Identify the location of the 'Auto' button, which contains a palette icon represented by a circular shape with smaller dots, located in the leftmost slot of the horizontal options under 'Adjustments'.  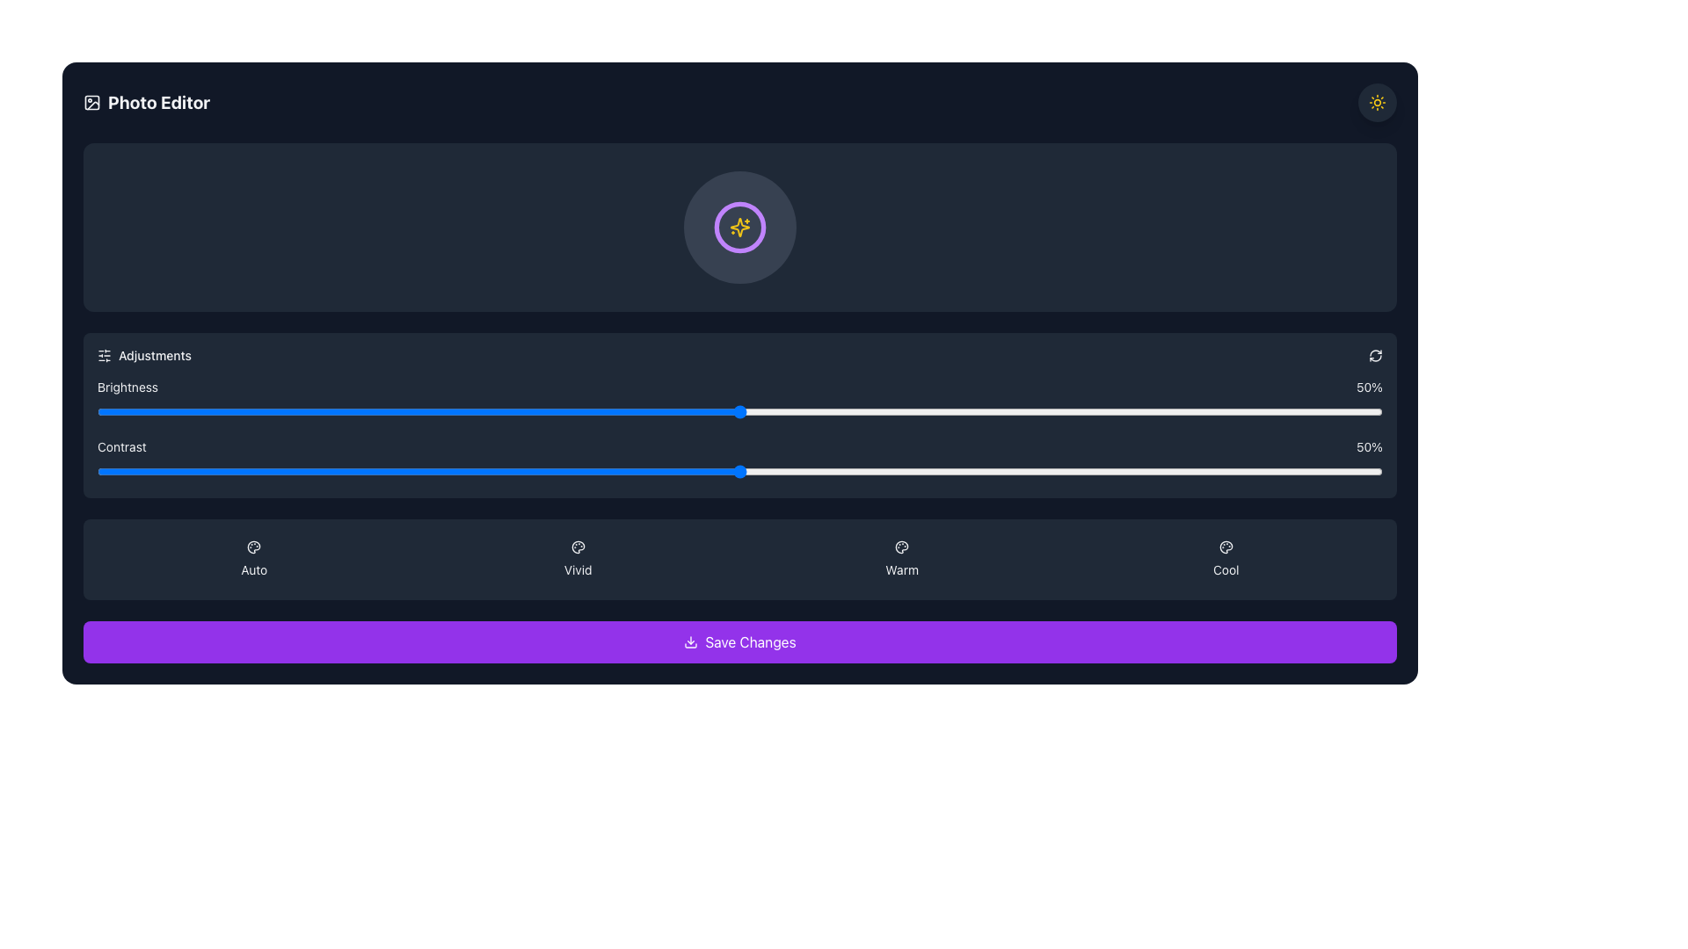
(253, 547).